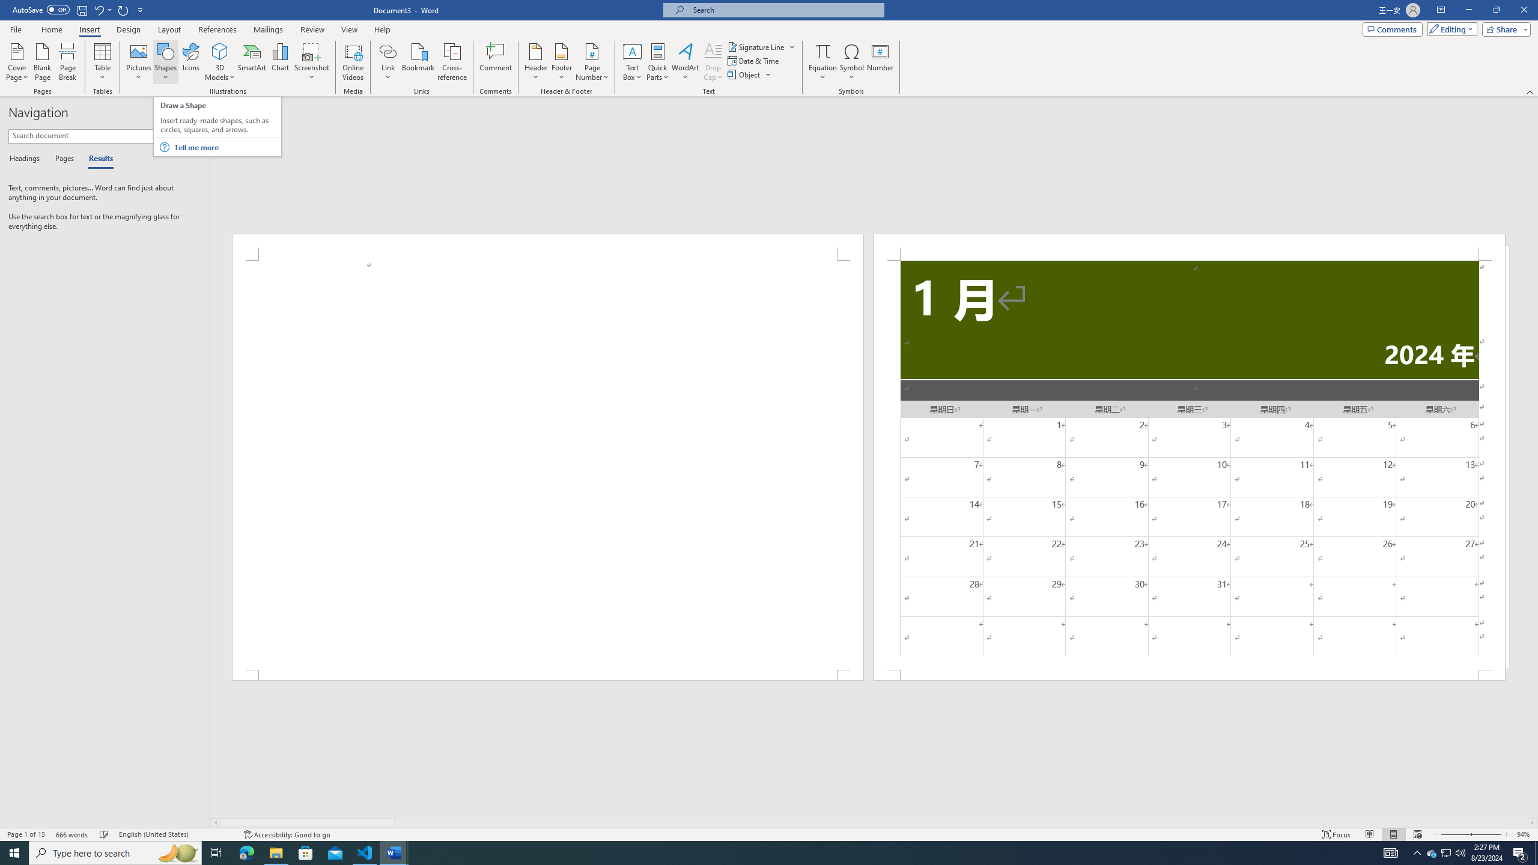 Image resolution: width=1538 pixels, height=865 pixels. I want to click on 'Number...', so click(880, 62).